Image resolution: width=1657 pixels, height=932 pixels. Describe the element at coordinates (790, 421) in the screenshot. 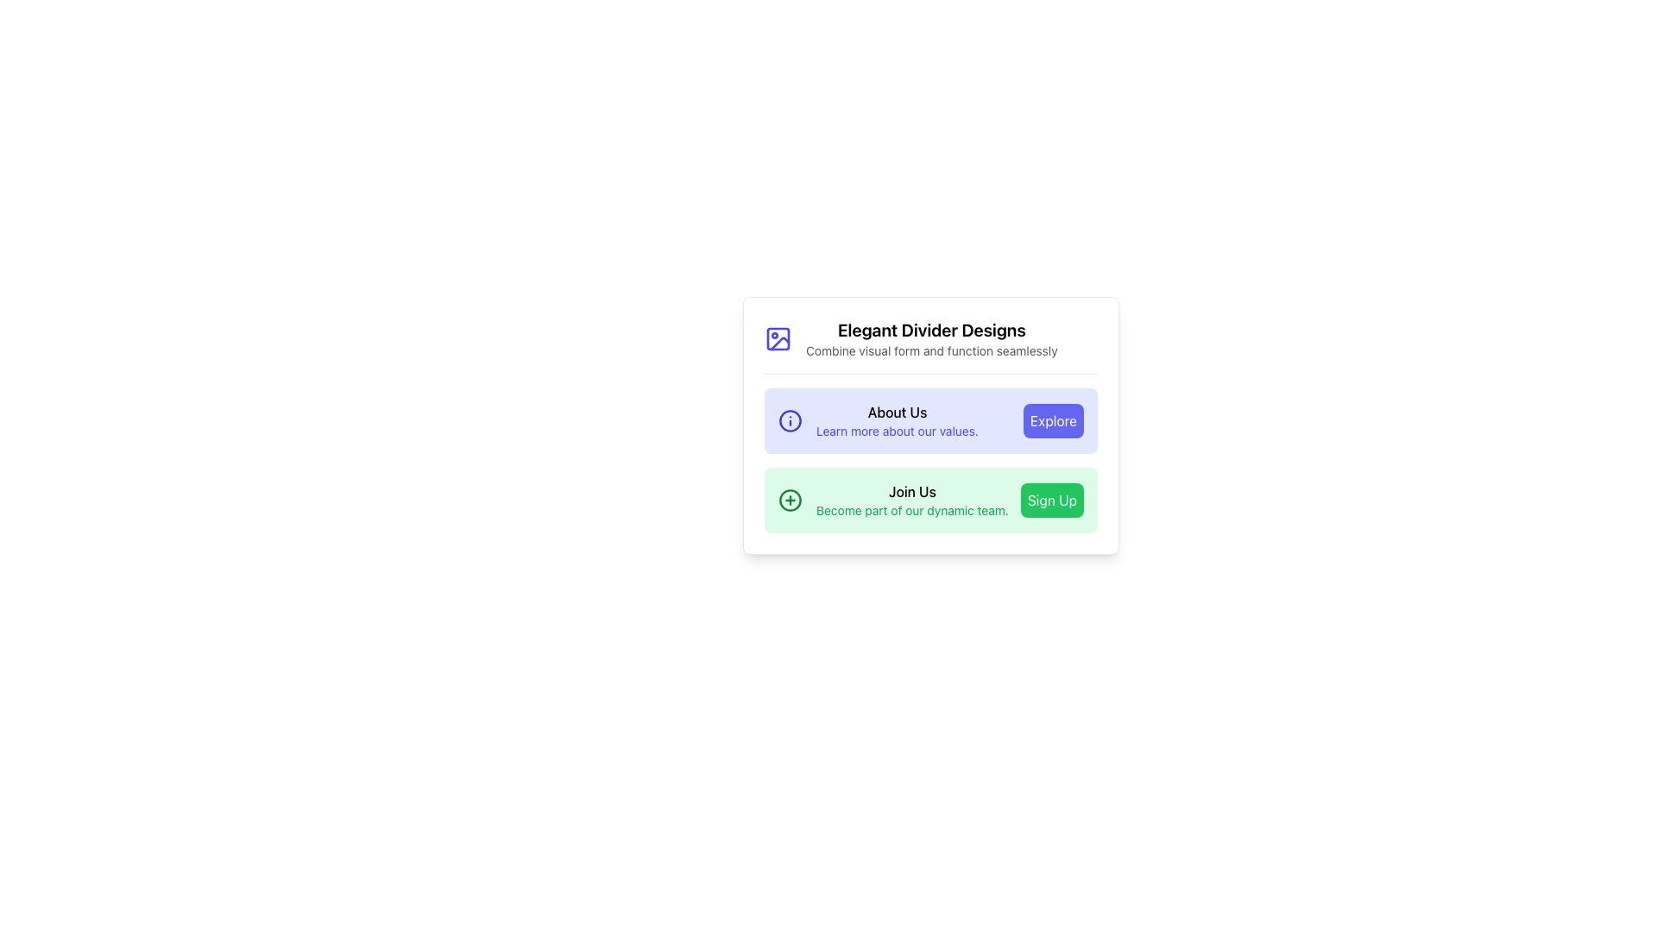

I see `the SVG Circle with a blue outline, located within the information icon to the left of the 'About Us' text` at that location.